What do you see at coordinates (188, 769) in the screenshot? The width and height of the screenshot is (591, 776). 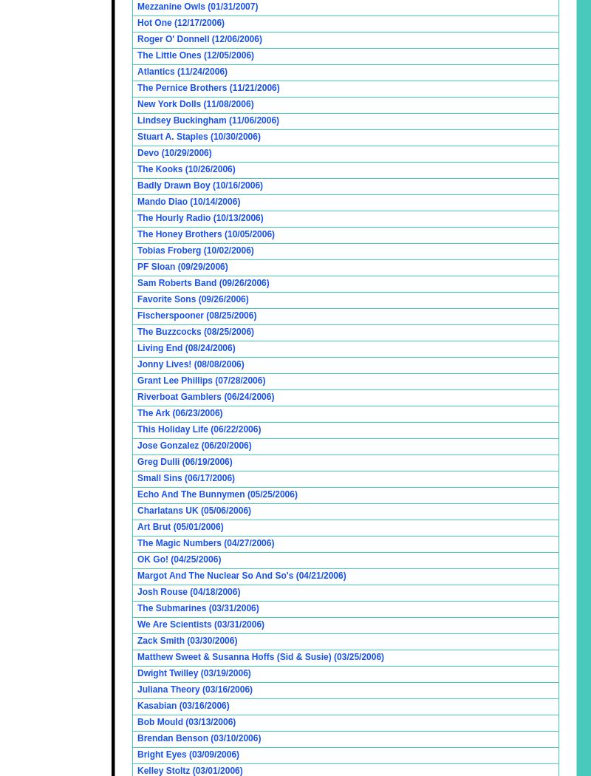 I see `'Kelley Stoltz (03/01/2006)'` at bounding box center [188, 769].